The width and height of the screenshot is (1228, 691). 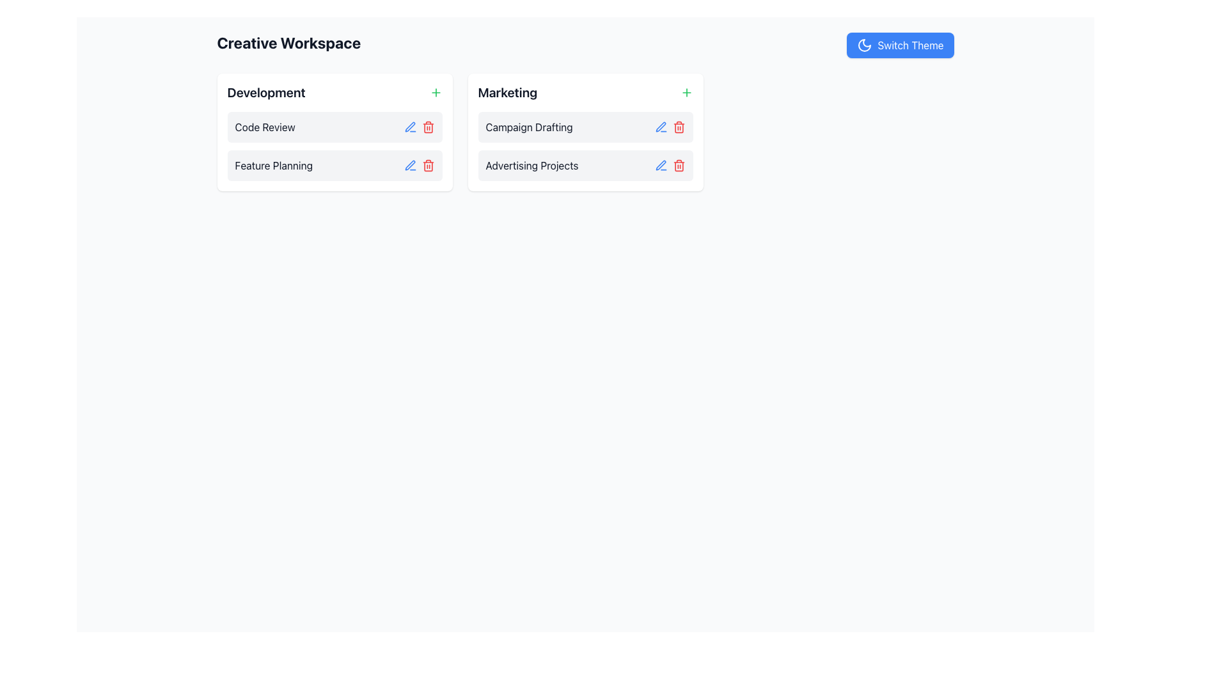 I want to click on the green plus icon button located to the far right of the 'Development' header text, so click(x=436, y=92).